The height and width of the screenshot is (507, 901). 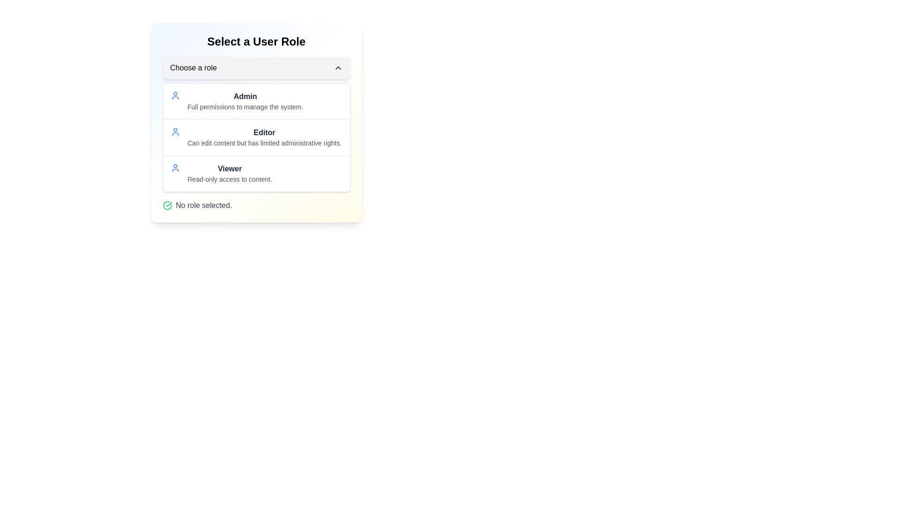 I want to click on the 'Editor' role option in the selectable list within the 'Select a User Role' card, so click(x=256, y=138).